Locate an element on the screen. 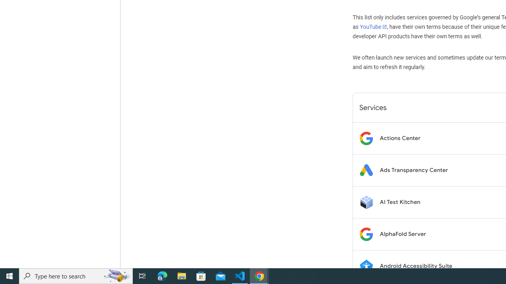  'YouTube' is located at coordinates (373, 26).